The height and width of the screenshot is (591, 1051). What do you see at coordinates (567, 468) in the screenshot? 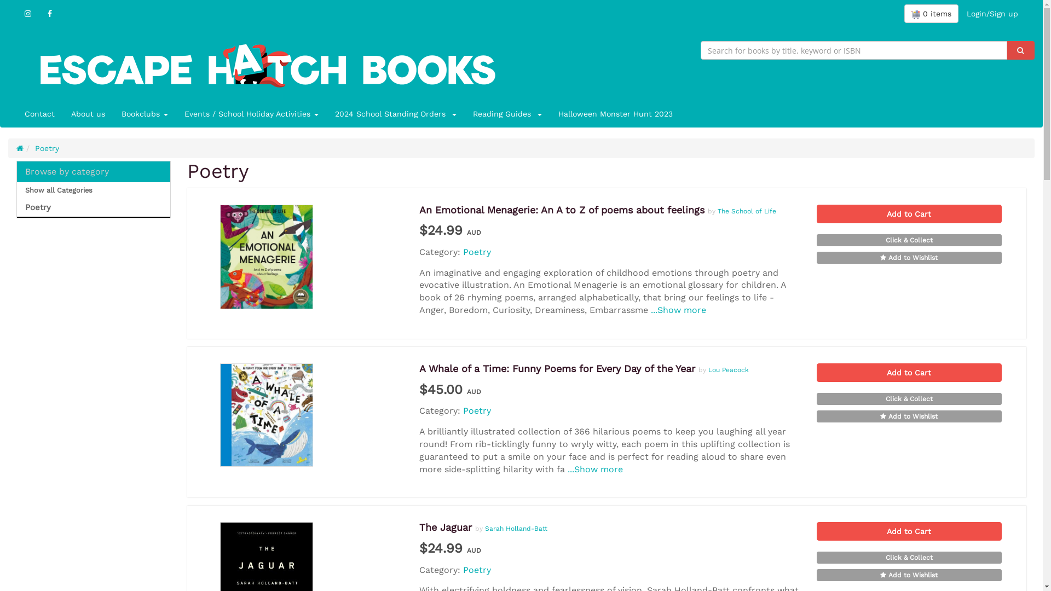
I see `'...Show more'` at bounding box center [567, 468].